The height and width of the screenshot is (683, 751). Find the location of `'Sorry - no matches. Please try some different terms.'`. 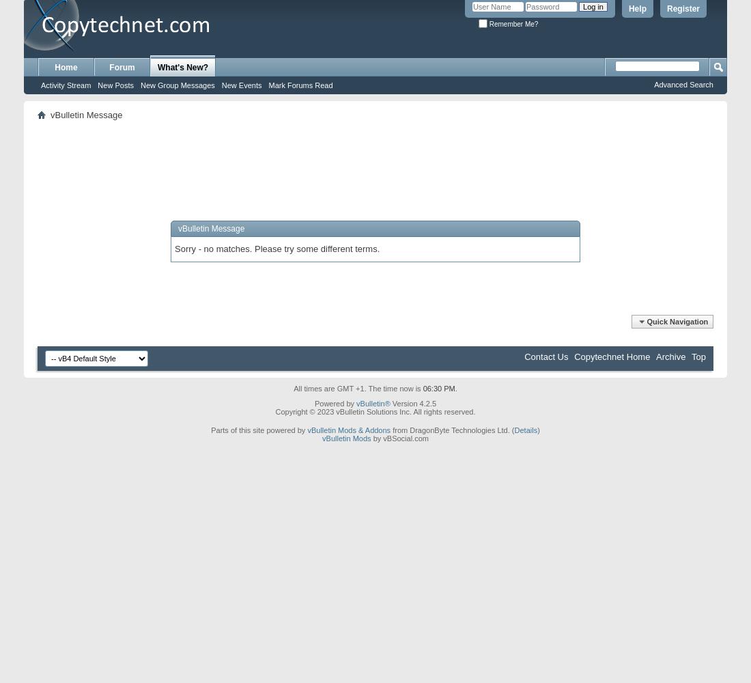

'Sorry - no matches. Please try some different terms.' is located at coordinates (277, 247).